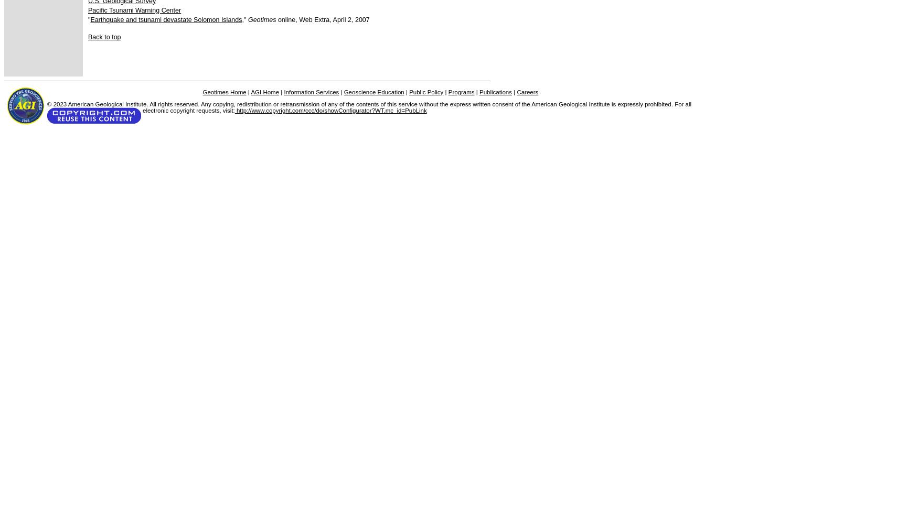  Describe the element at coordinates (527, 92) in the screenshot. I see `'Careers'` at that location.